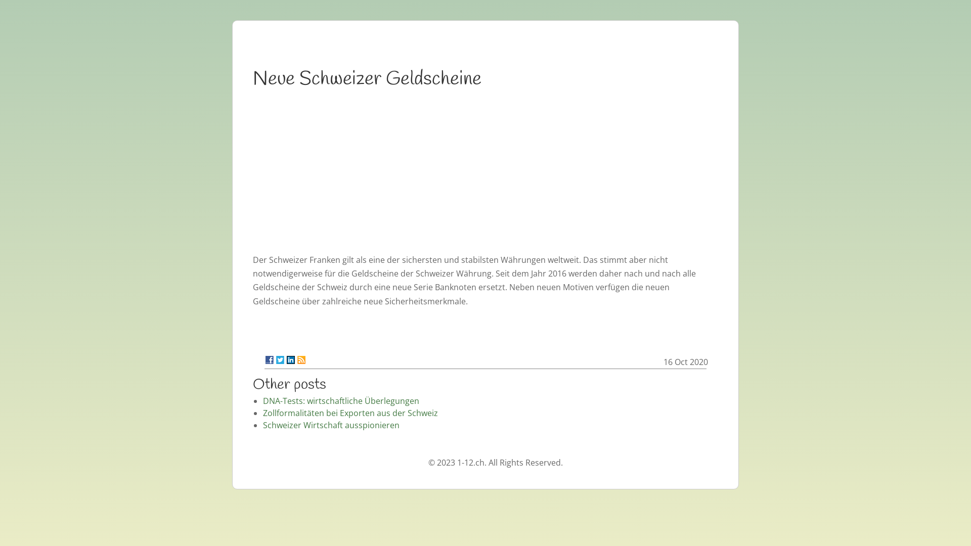  I want to click on 'Facebook', so click(265, 359).